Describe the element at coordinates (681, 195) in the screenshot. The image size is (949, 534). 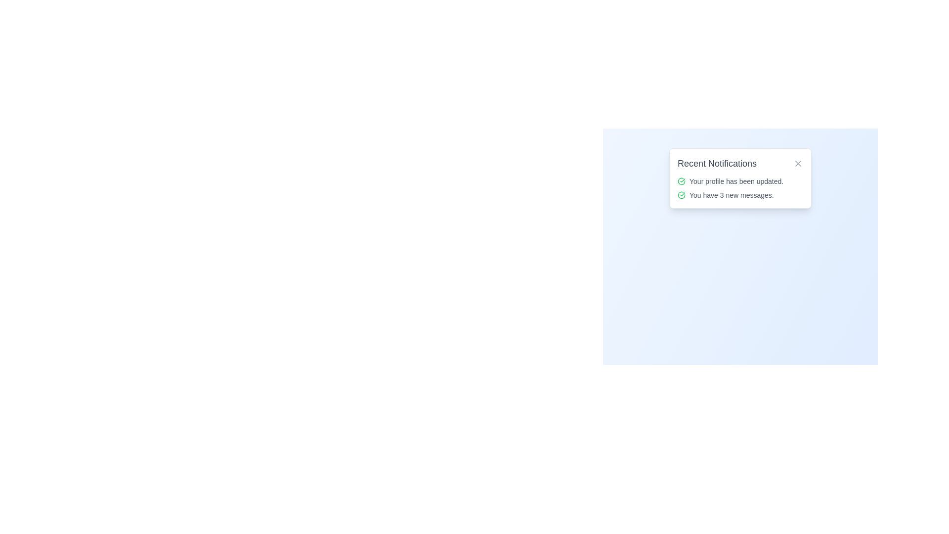
I see `the confirmation icon indicating the success state related to the notification message located to the left of the text 'You have 3 new messages.'` at that location.